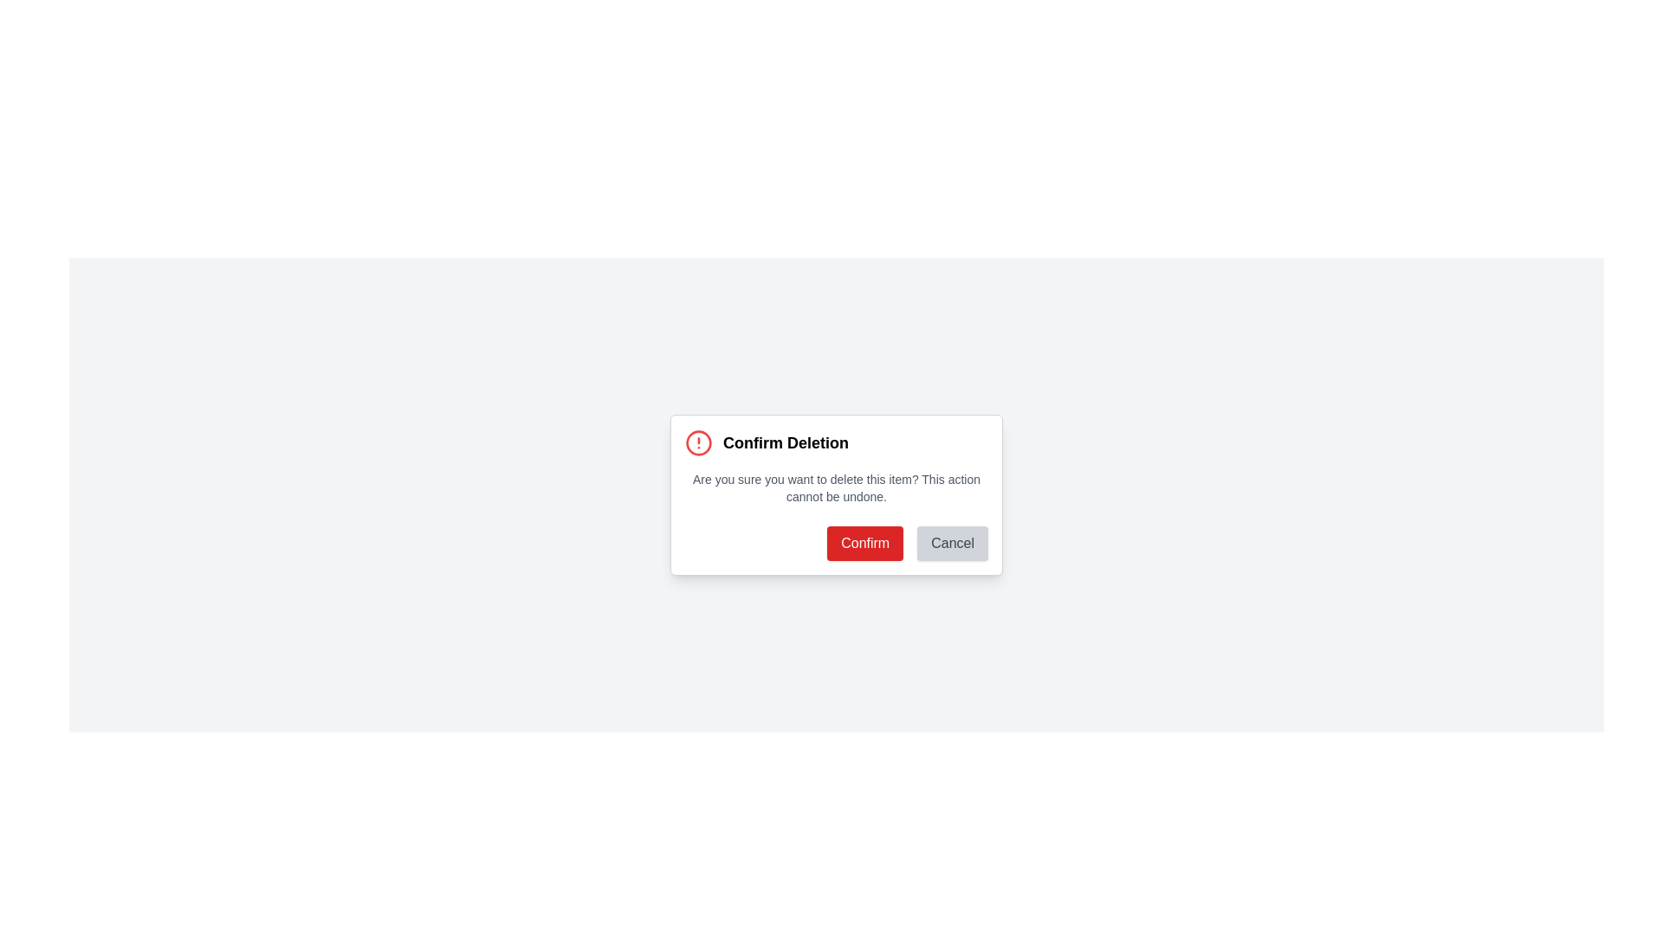 Image resolution: width=1663 pixels, height=935 pixels. Describe the element at coordinates (836, 442) in the screenshot. I see `the title text element within the modal that indicates the purpose of the dialog box for confirming item deletion` at that location.